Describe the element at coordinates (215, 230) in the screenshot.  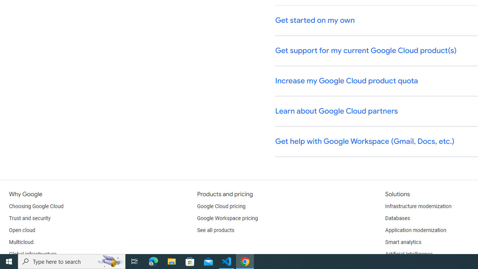
I see `'See all products'` at that location.